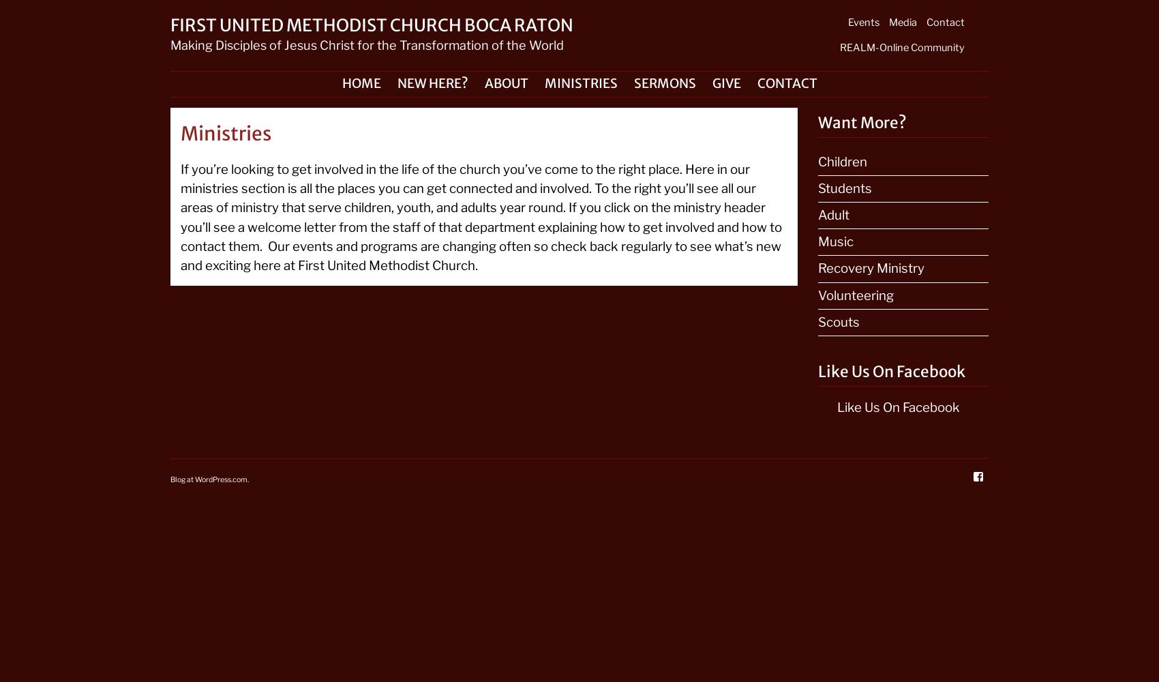 This screenshot has height=682, width=1159. What do you see at coordinates (832, 214) in the screenshot?
I see `'Adult'` at bounding box center [832, 214].